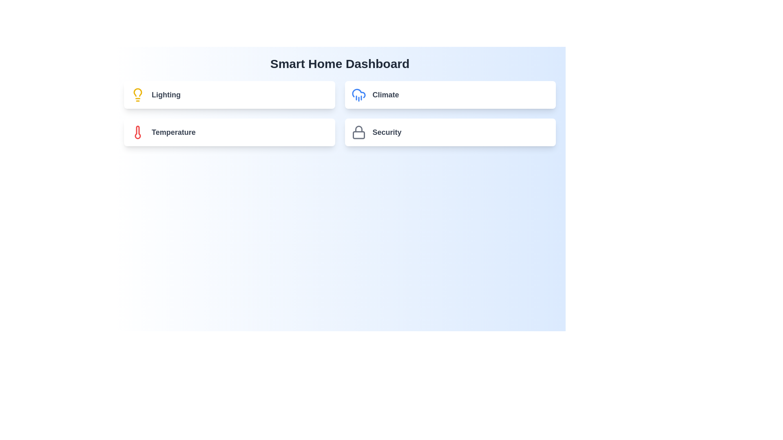 The height and width of the screenshot is (440, 783). Describe the element at coordinates (173, 132) in the screenshot. I see `the text label displaying 'Temperature' which is located to the immediate right of the red thermometer icon in the second card of the grid layout` at that location.